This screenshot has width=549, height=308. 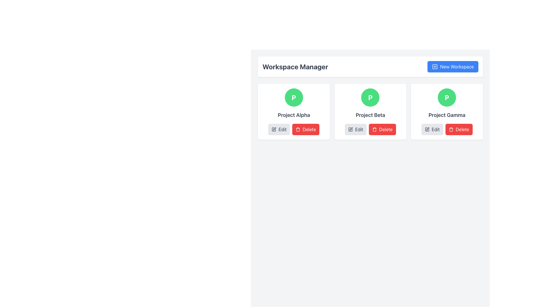 I want to click on the 'Edit' button located below the title 'Project Beta' in the second card of the grid layout to initiate the edit functionality for the associated project, so click(x=355, y=129).